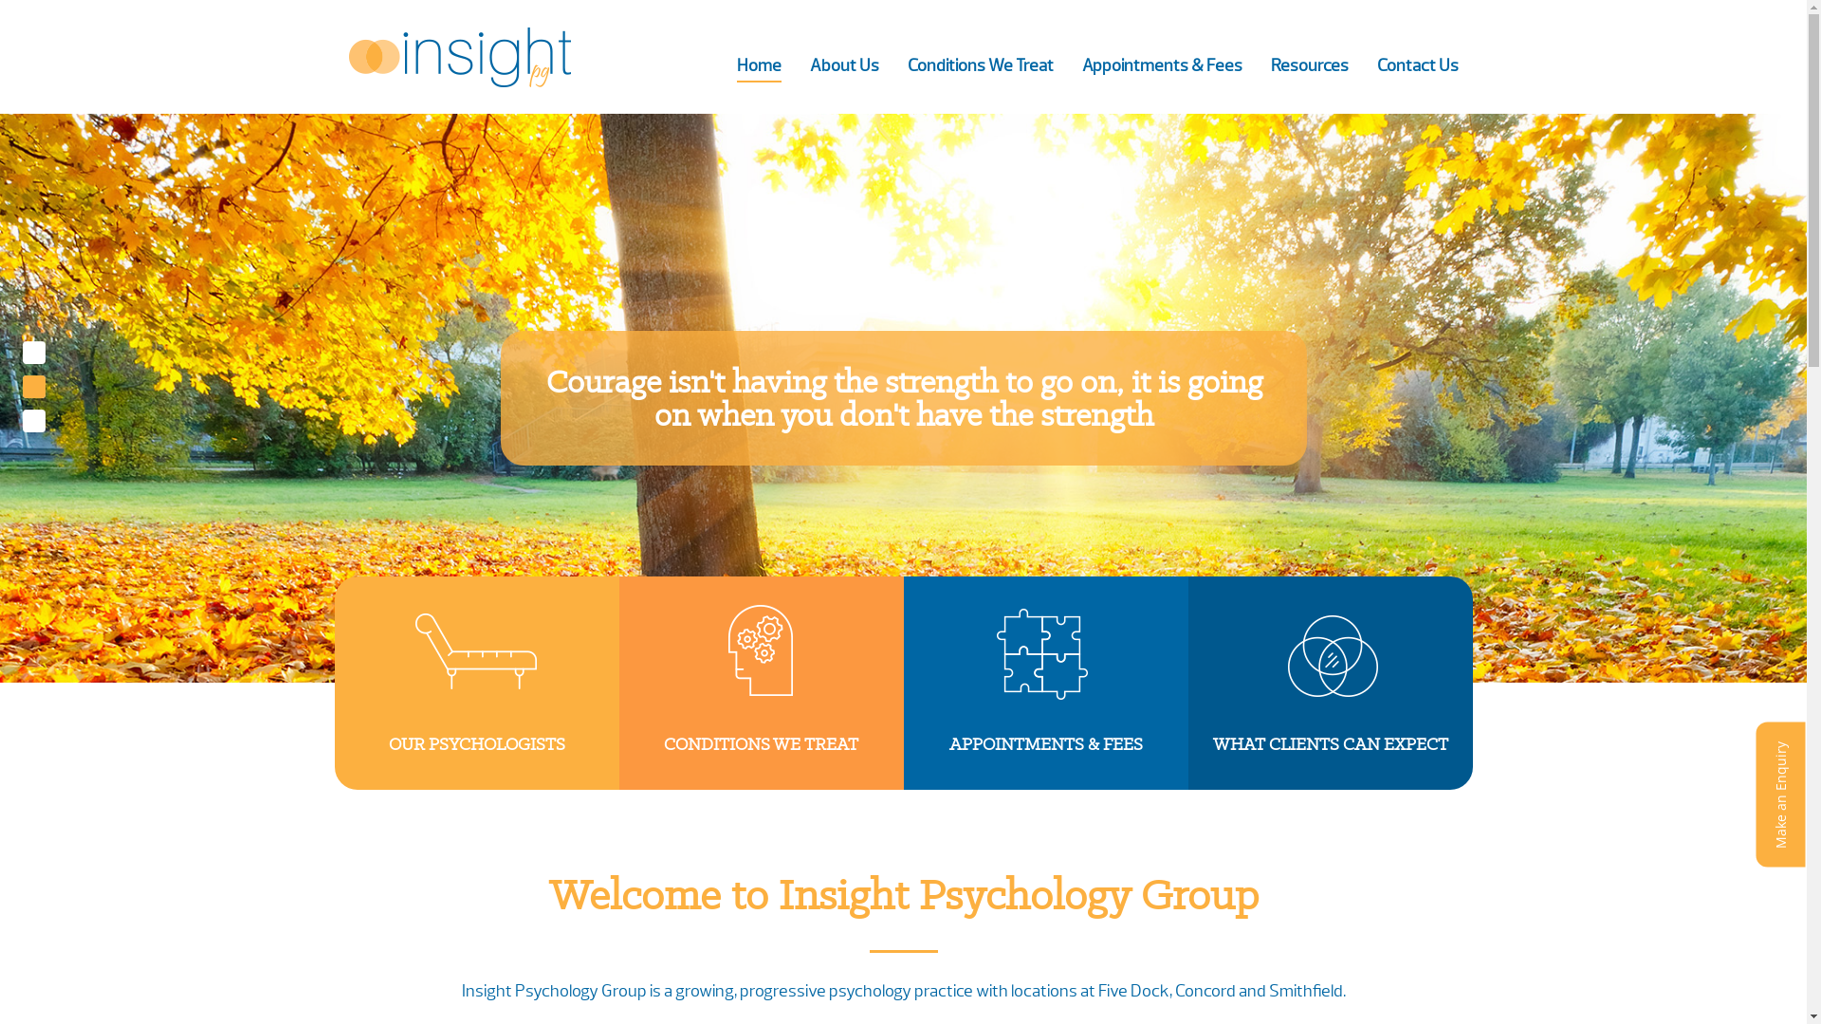 The height and width of the screenshot is (1024, 1821). I want to click on 'Contact Us', so click(1417, 64).